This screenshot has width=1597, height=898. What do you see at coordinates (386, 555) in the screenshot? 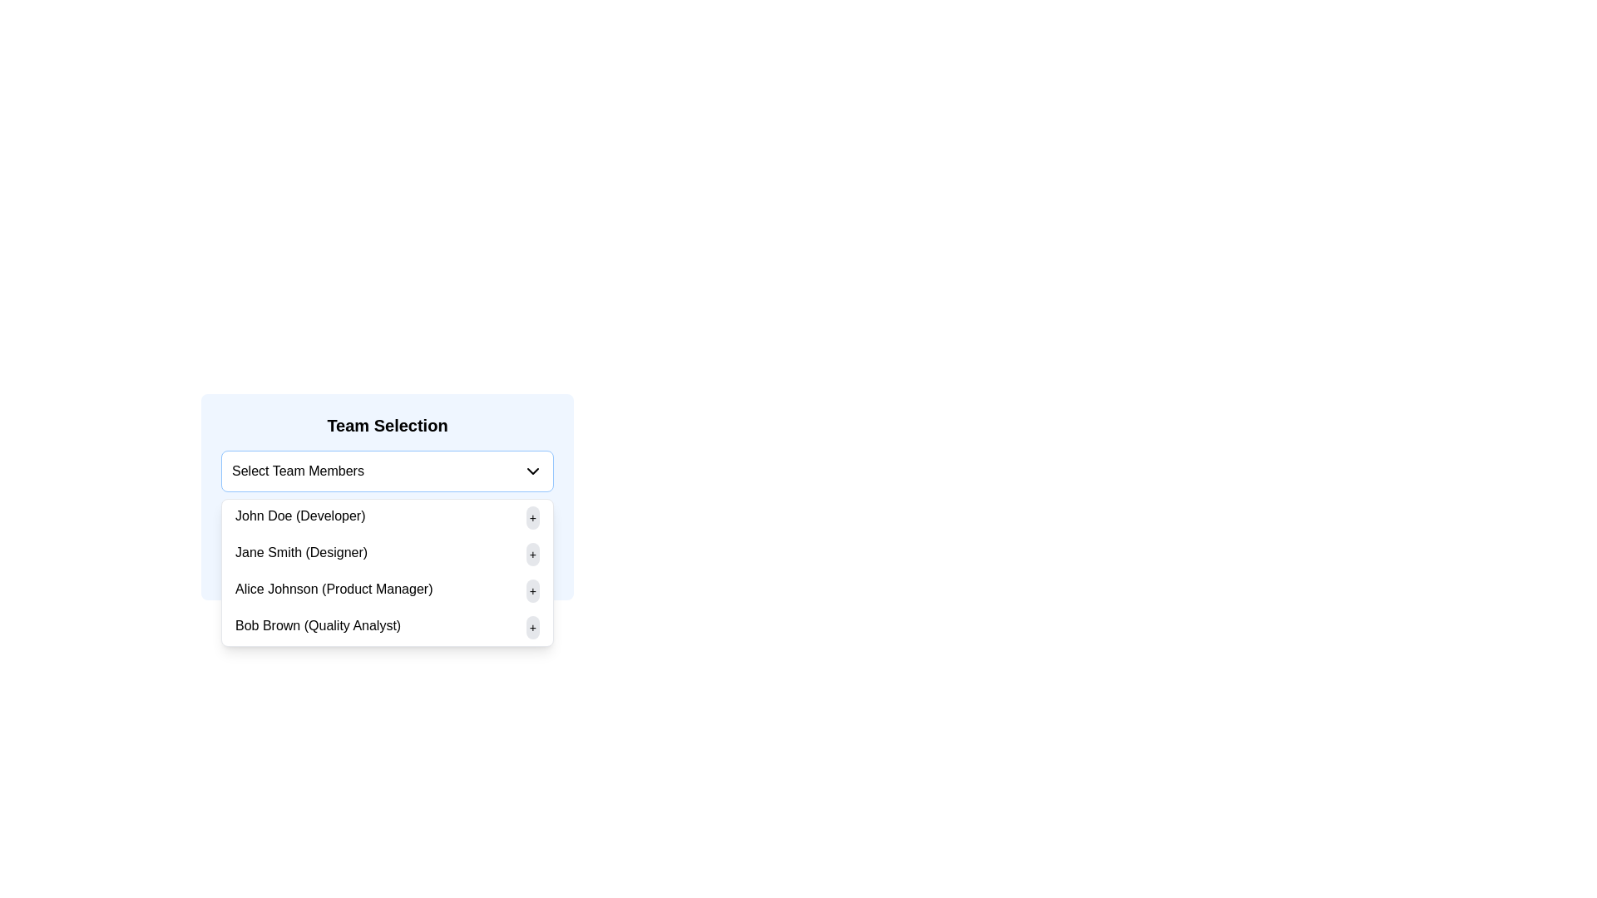
I see `the name of the team member in the second option of the Team Selection dropdown` at bounding box center [386, 555].